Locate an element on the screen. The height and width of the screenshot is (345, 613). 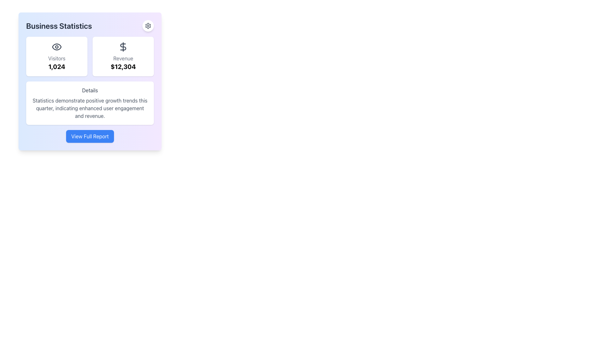
the Text Block located below the 'Details' heading, which displays information about positive growth trends is located at coordinates (90, 108).